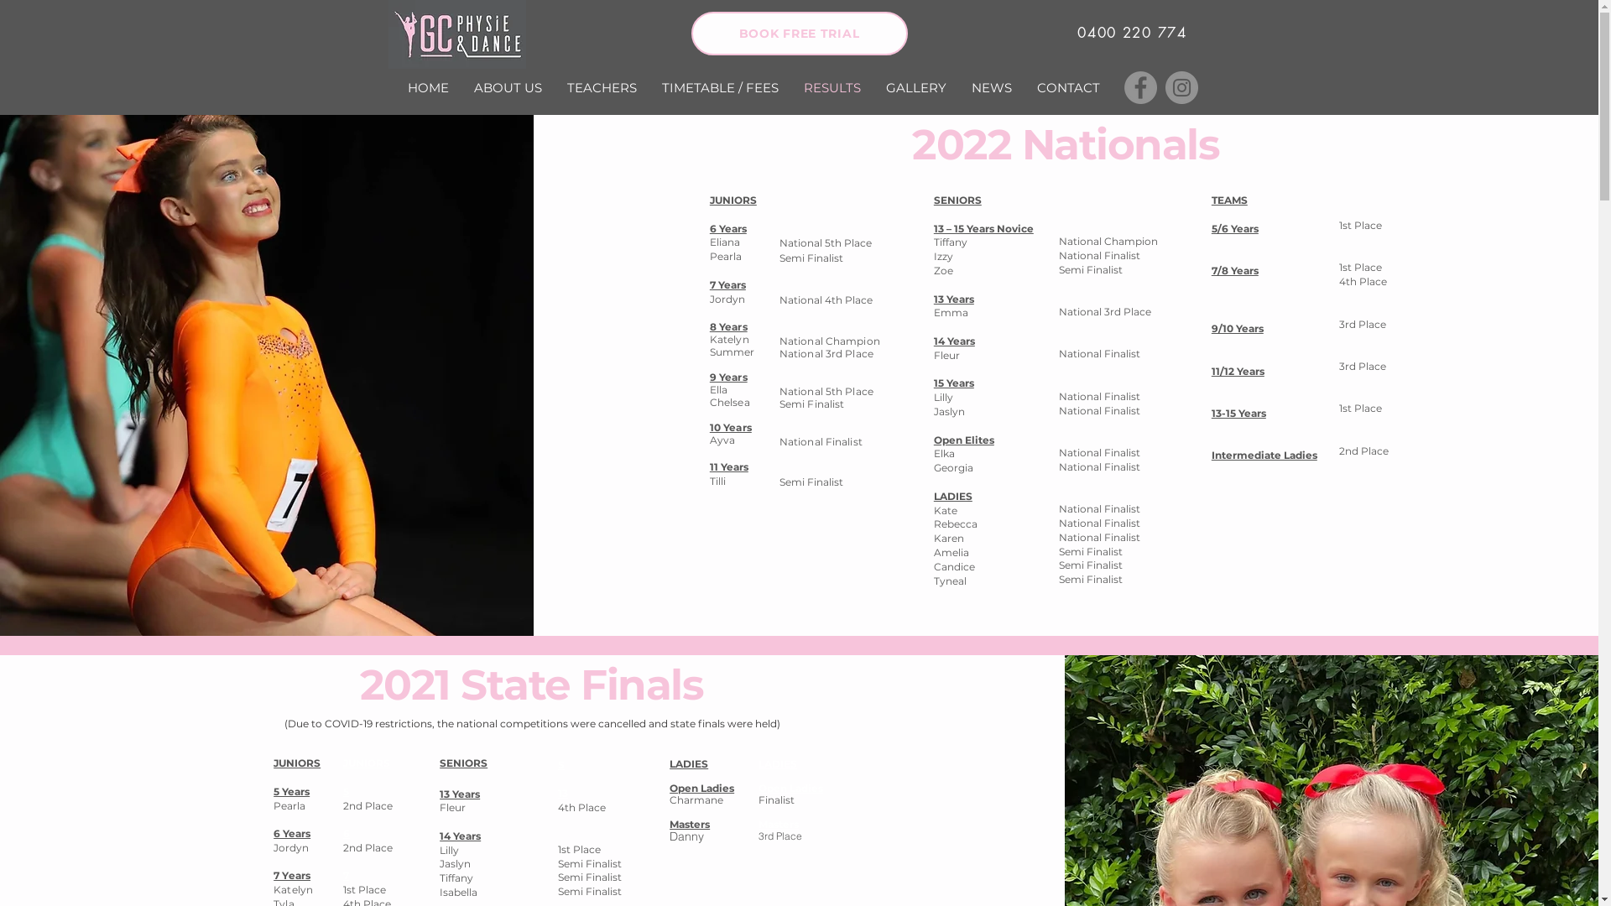  I want to click on 'TIMETABLE / FEES', so click(720, 87).